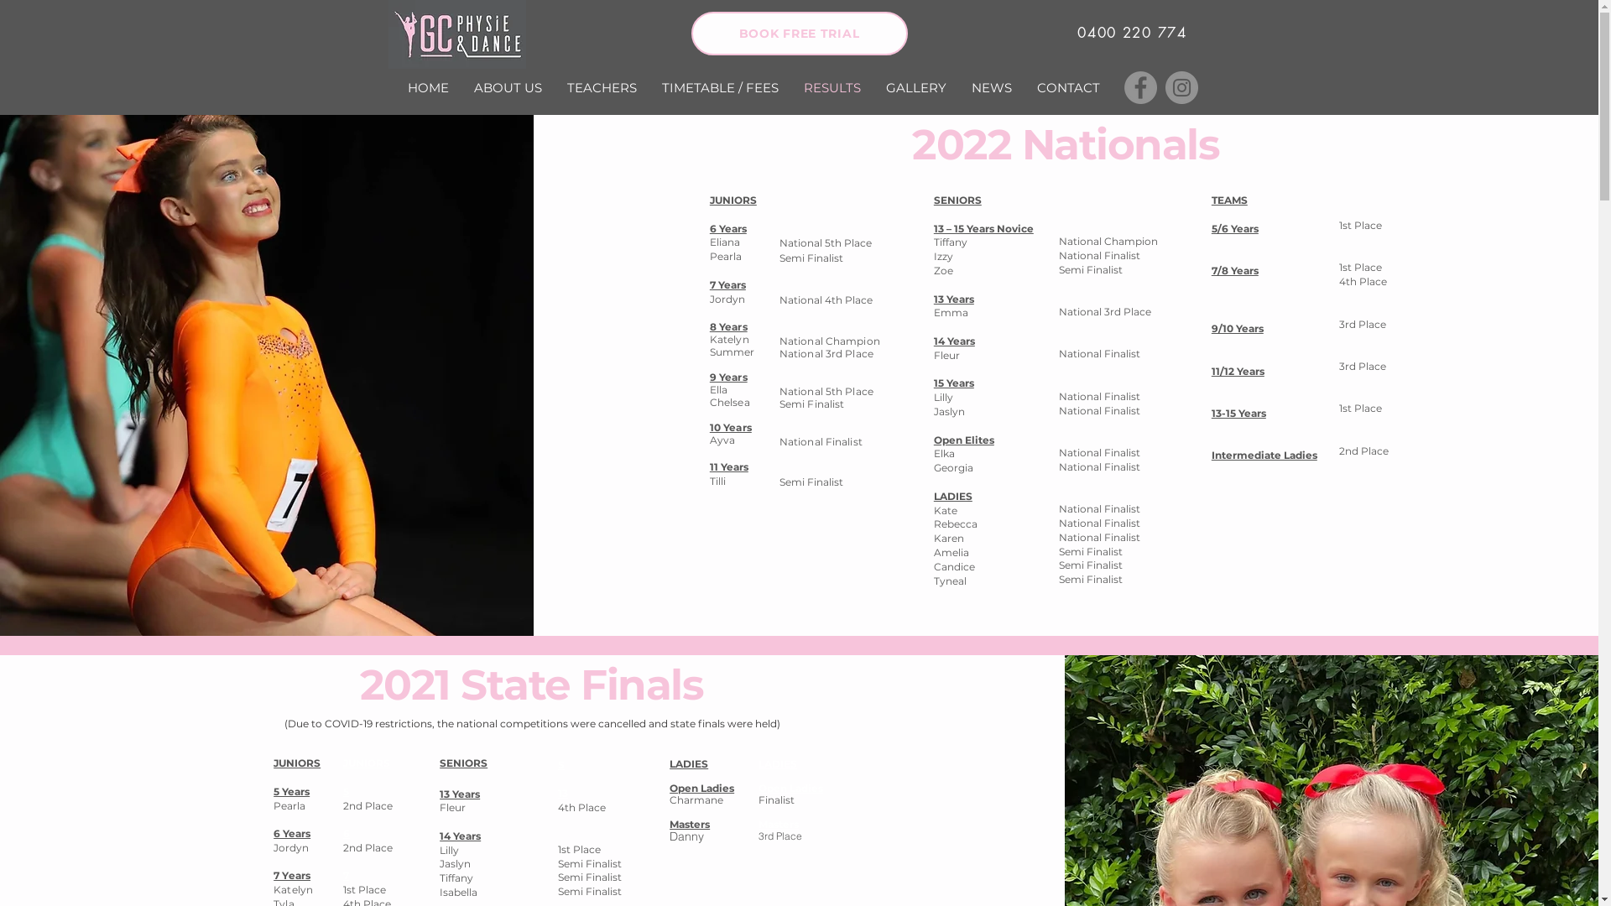  I want to click on 'TIMETABLE / FEES', so click(720, 87).